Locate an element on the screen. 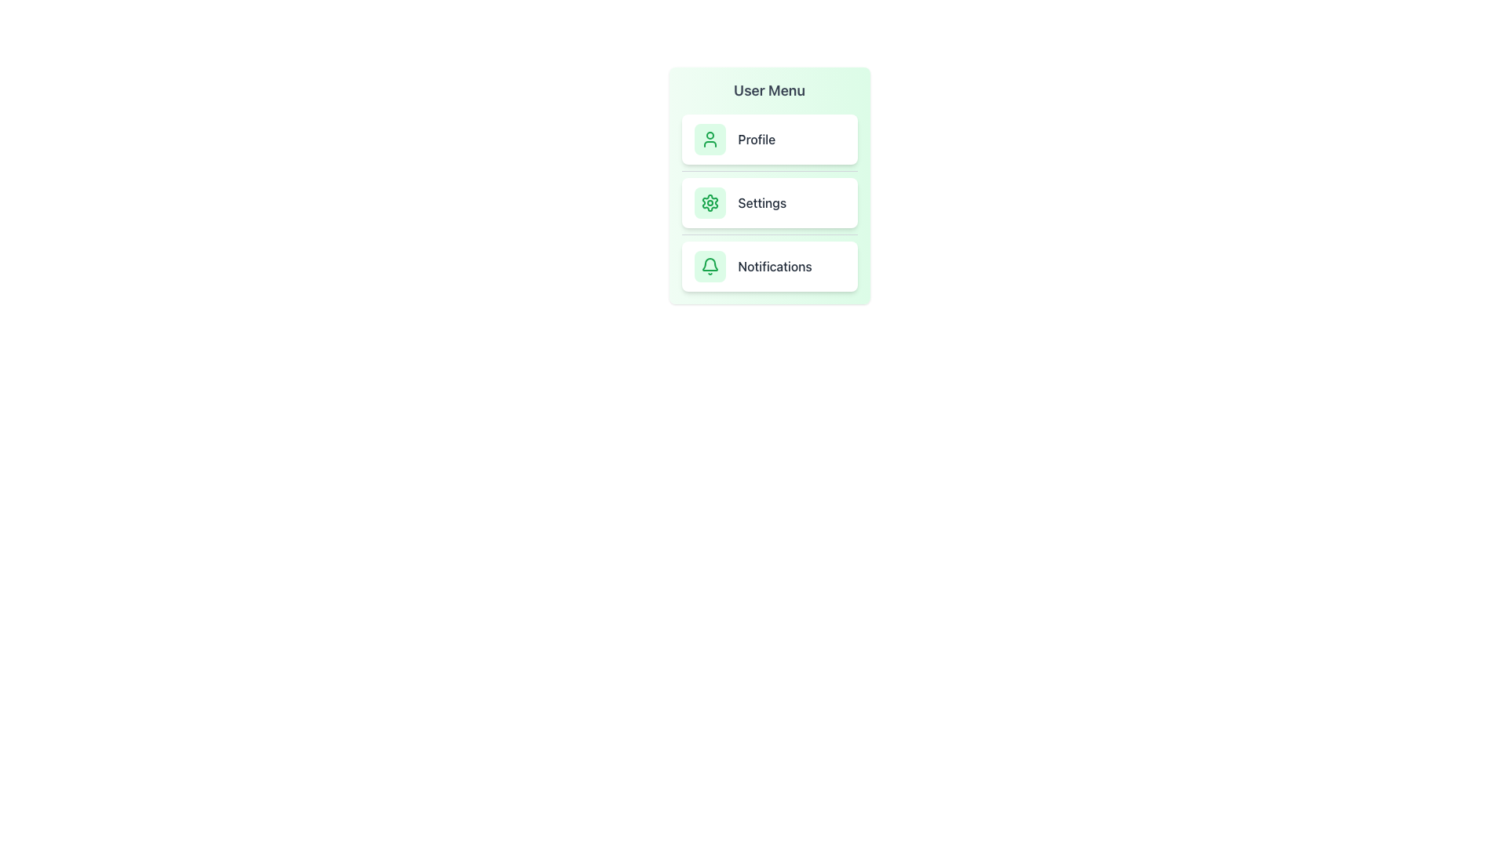 The height and width of the screenshot is (847, 1507). the gear-shaped icon in the user menu, which is the second icon listed next to the 'Settings' text label is located at coordinates (709, 202).